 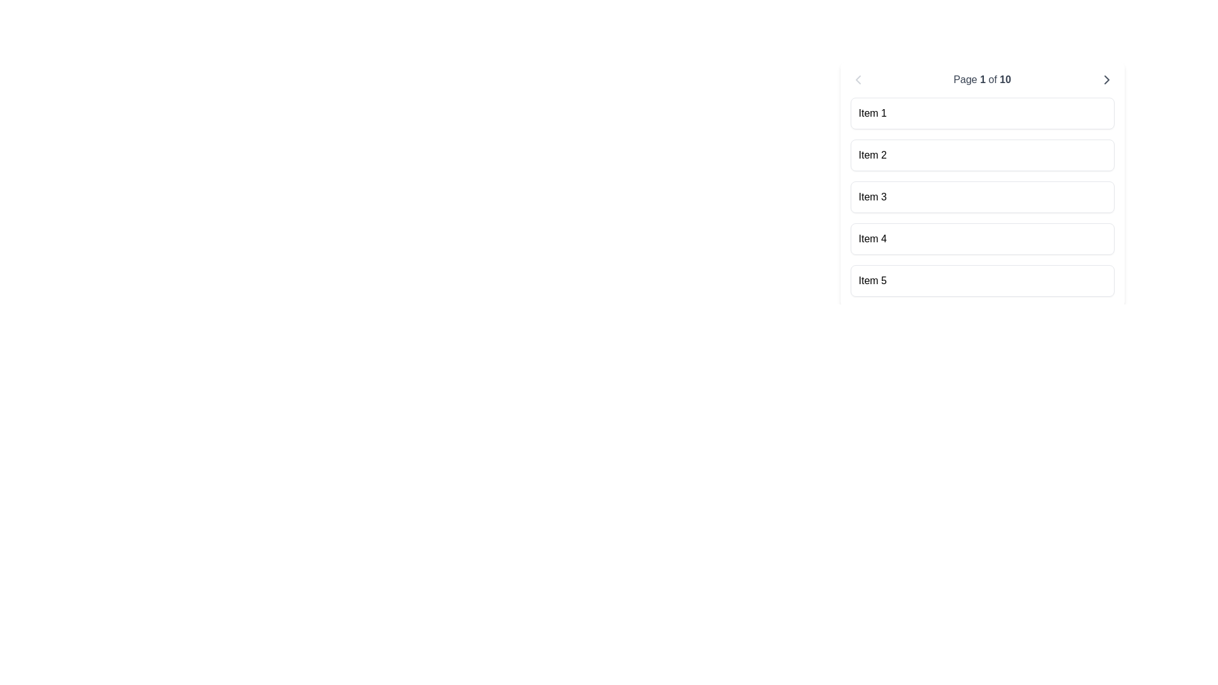 I want to click on the static text element that displays the total number of pages in the pagination component, located to the right of 'Page 1 of', so click(x=1004, y=79).